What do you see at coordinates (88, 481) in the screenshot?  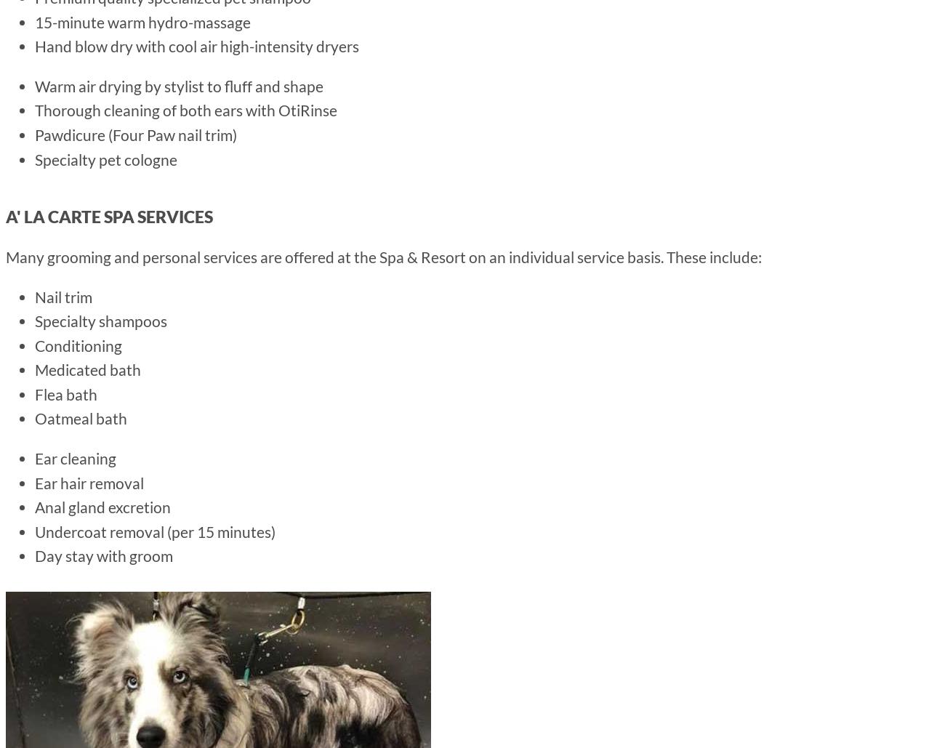 I see `'Ear hair removal'` at bounding box center [88, 481].